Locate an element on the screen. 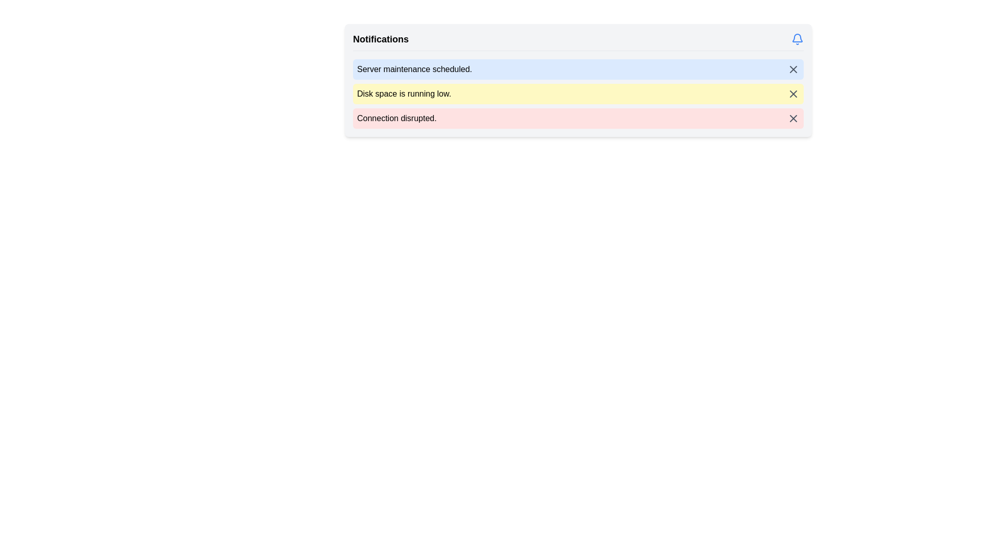 This screenshot has width=981, height=552. the Close button (graphical 'X' mark) located in the top-right corner of the blue-highlighted notification entry is located at coordinates (793, 69).